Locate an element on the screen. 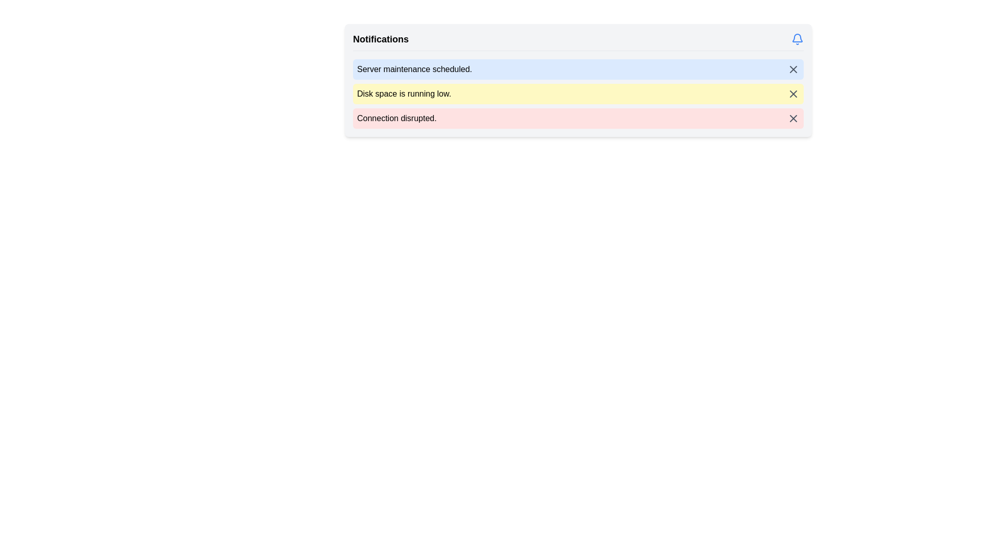 This screenshot has width=981, height=552. the Close button (graphical 'X' mark) located in the top-right corner of the blue-highlighted notification entry is located at coordinates (793, 69).